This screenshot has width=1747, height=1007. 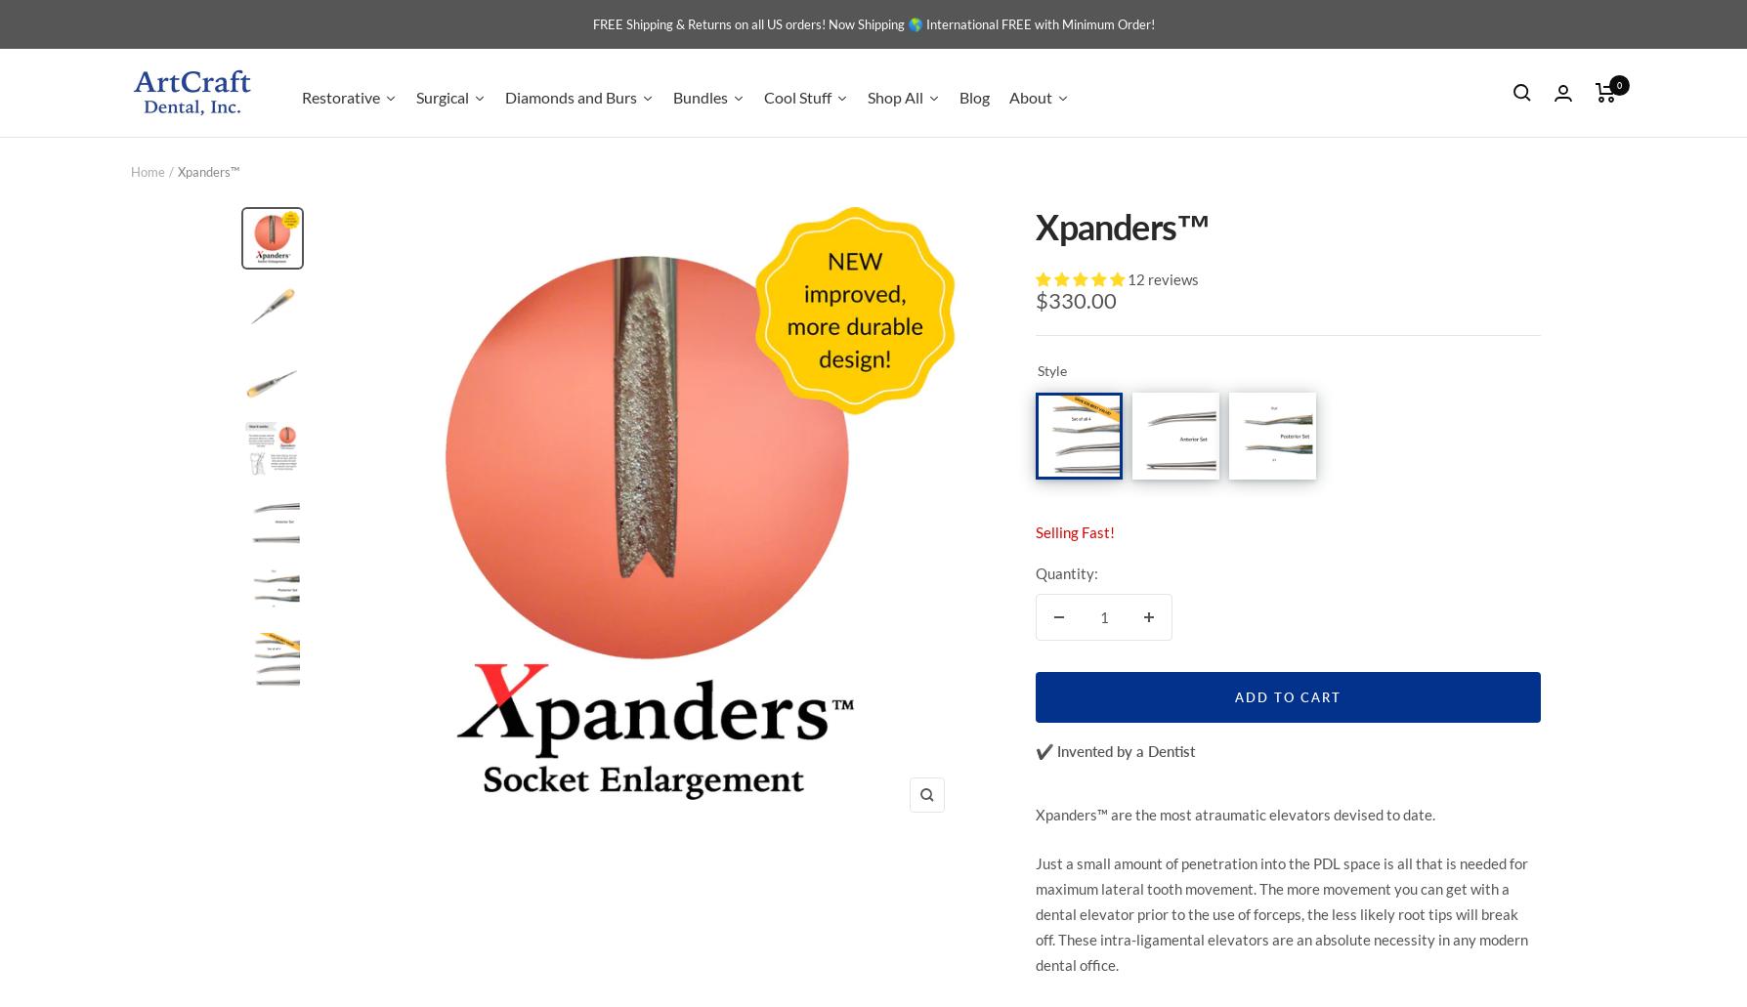 I want to click on 'Home', so click(x=148, y=170).